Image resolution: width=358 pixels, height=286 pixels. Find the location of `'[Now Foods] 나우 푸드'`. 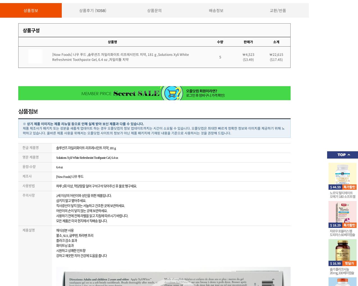

'[Now Foods] 나우 푸드' is located at coordinates (69, 177).